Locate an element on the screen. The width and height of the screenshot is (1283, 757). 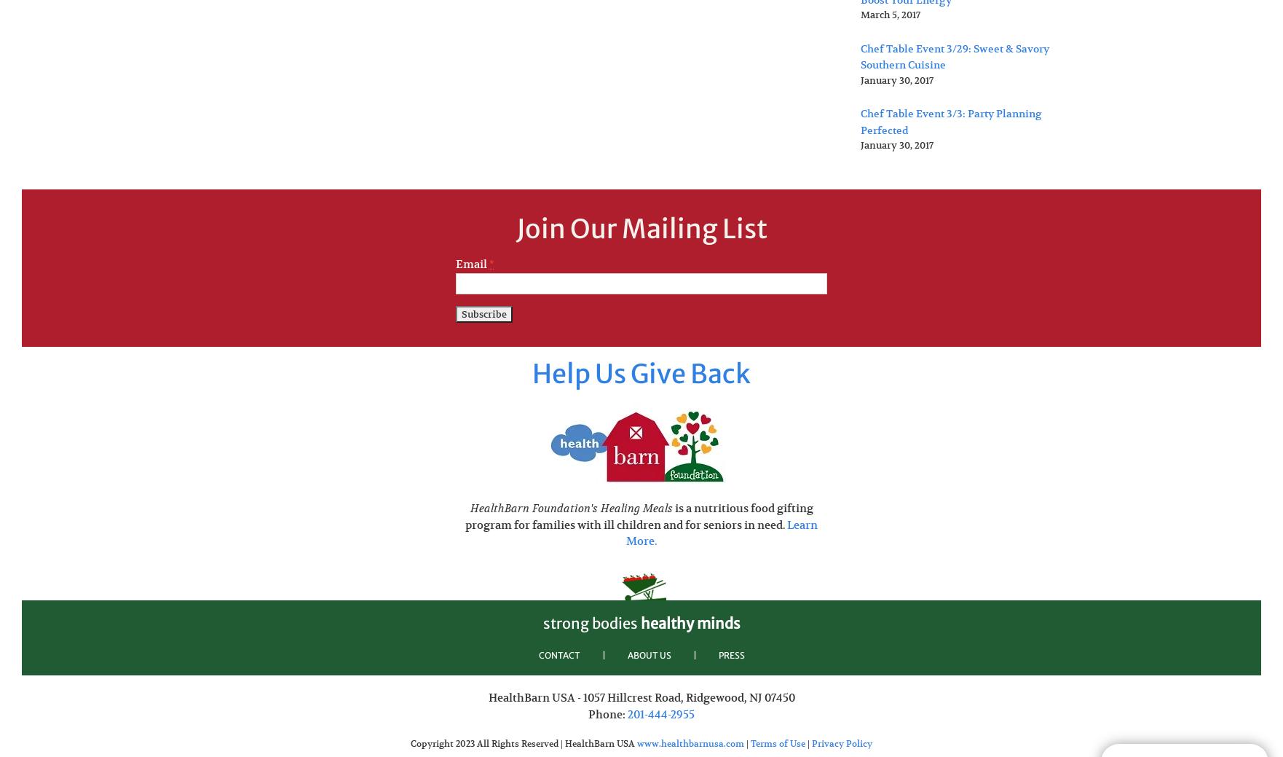
'Email' is located at coordinates (471, 263).